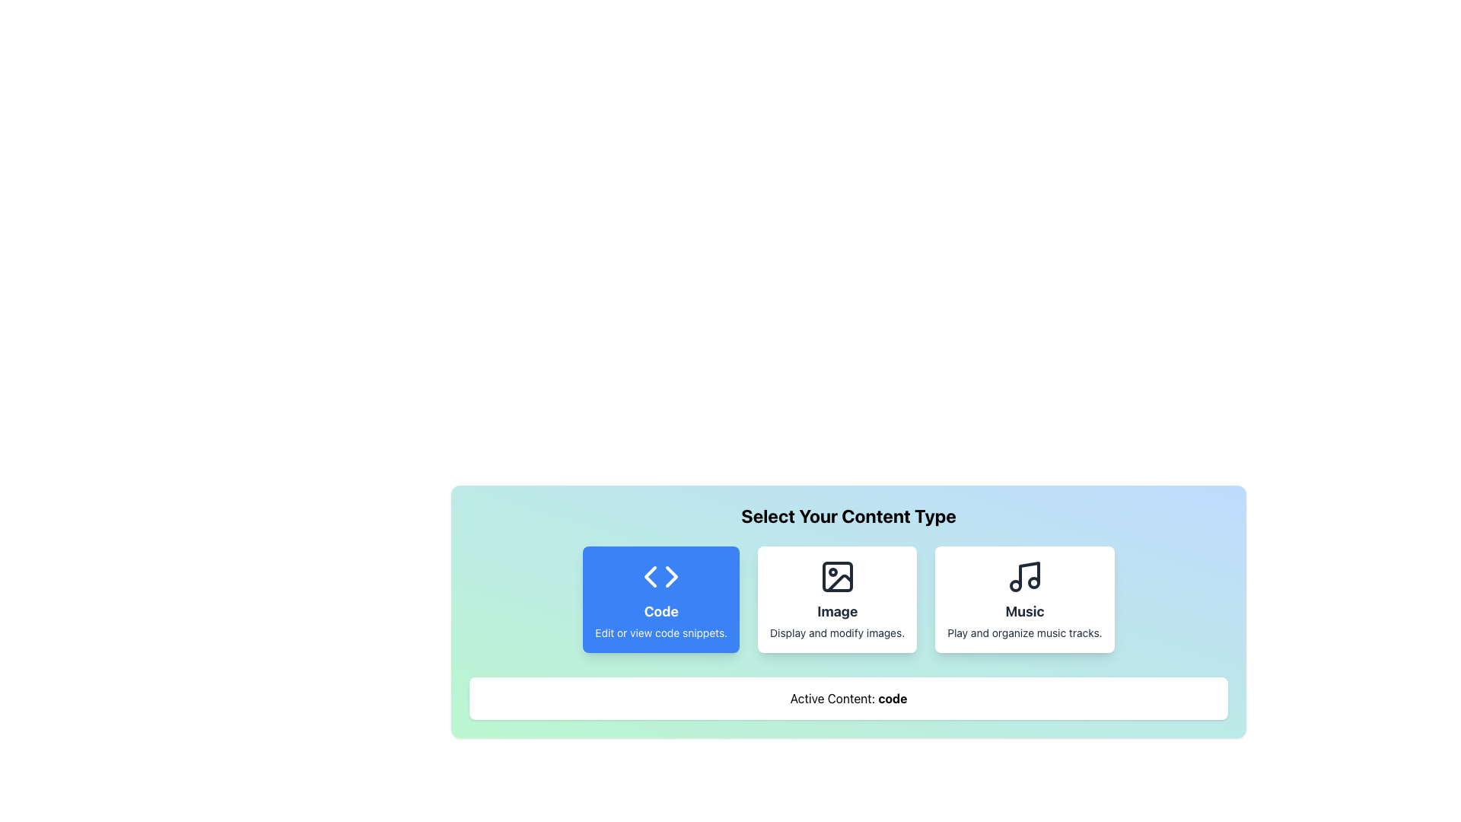  Describe the element at coordinates (836, 577) in the screenshot. I see `the image icon located centrally within the middle card that represents images, which has a mountain and sun metaphor and is labeled 'Image' with the description 'Display and modify images.'` at that location.